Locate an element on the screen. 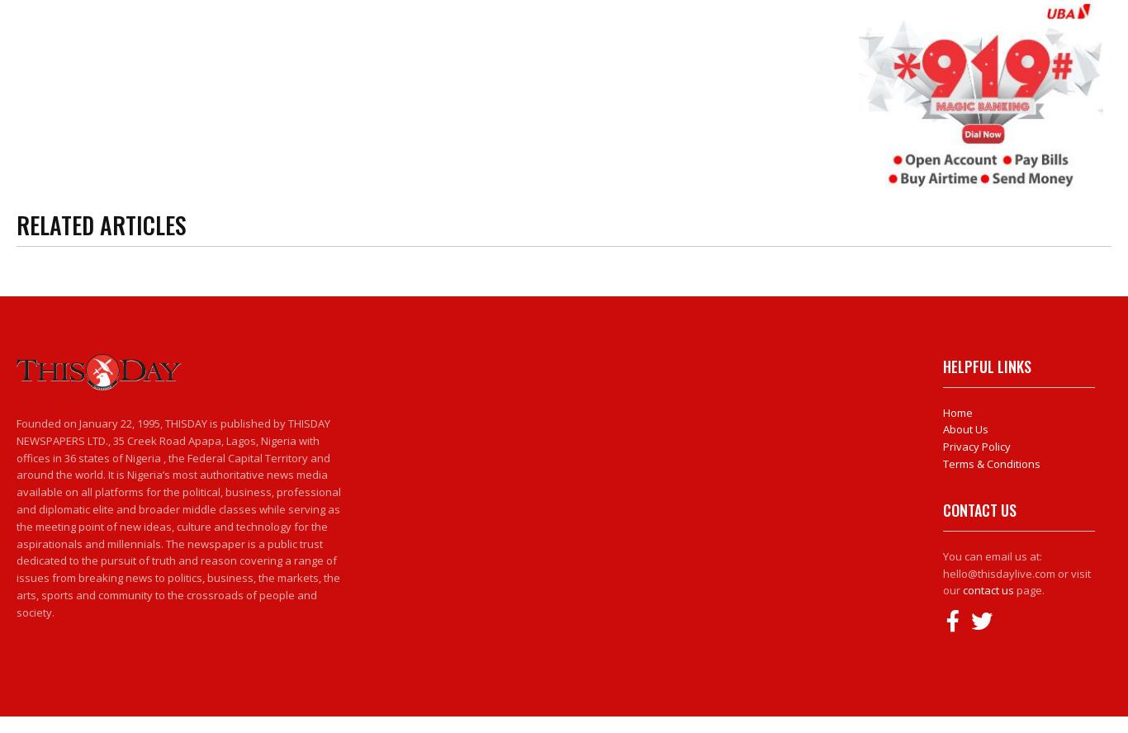 The height and width of the screenshot is (733, 1128). 'page.' is located at coordinates (1028, 590).